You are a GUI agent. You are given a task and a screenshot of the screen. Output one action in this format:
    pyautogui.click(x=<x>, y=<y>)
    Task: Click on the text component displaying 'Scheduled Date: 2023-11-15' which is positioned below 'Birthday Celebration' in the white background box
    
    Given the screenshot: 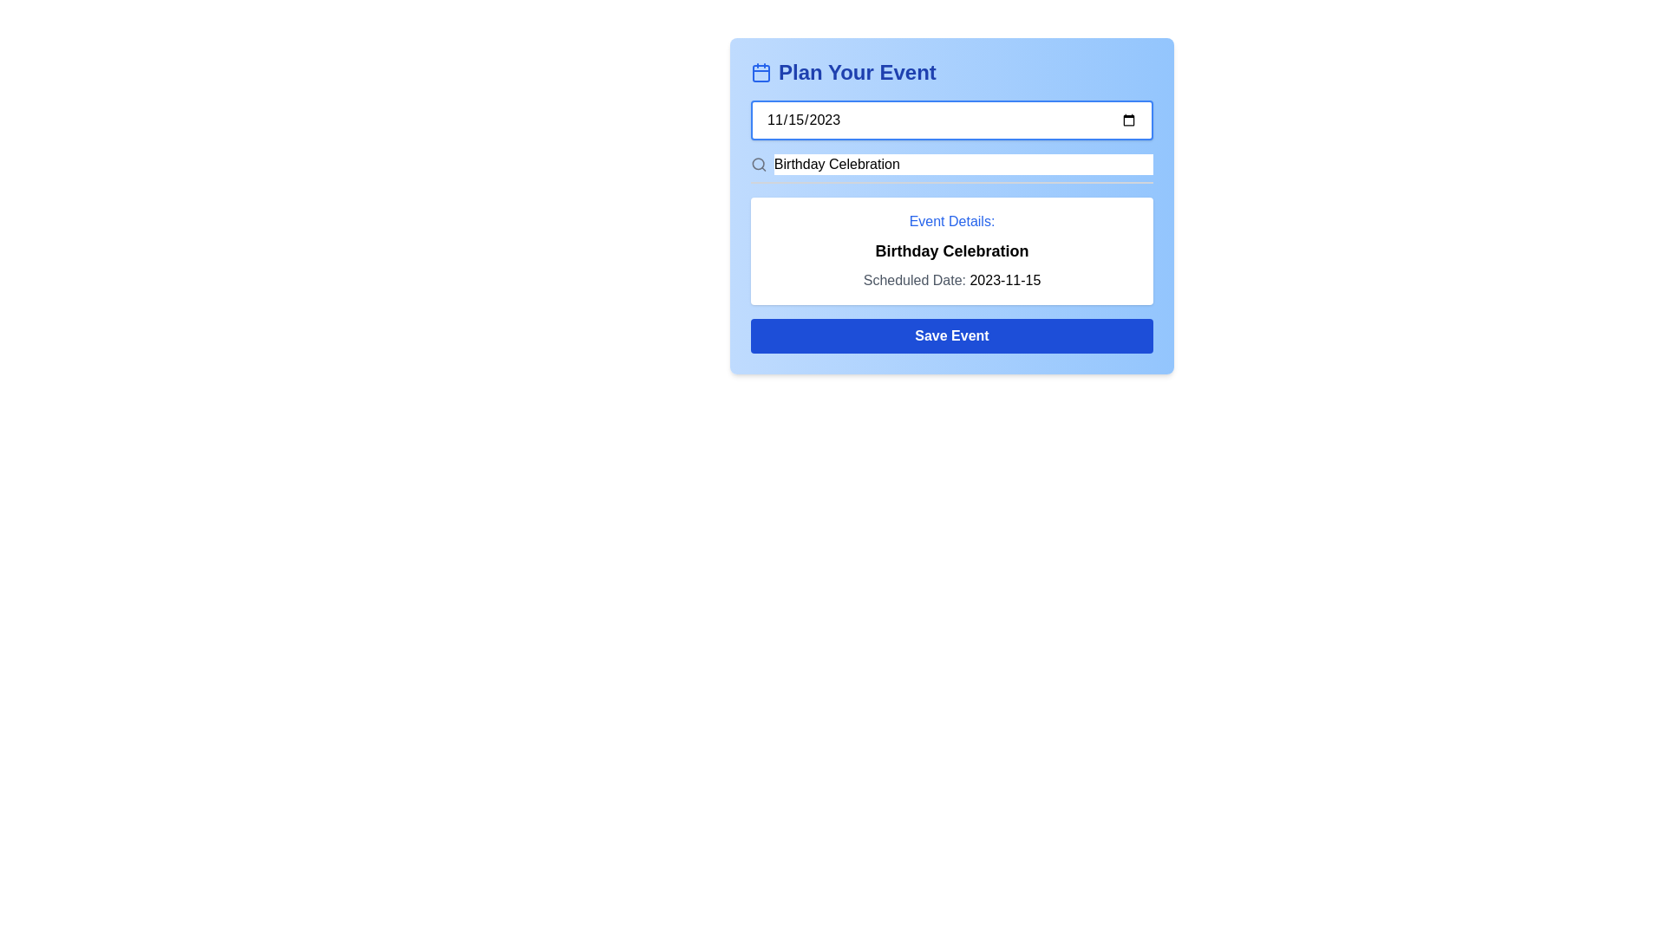 What is the action you would take?
    pyautogui.click(x=951, y=280)
    